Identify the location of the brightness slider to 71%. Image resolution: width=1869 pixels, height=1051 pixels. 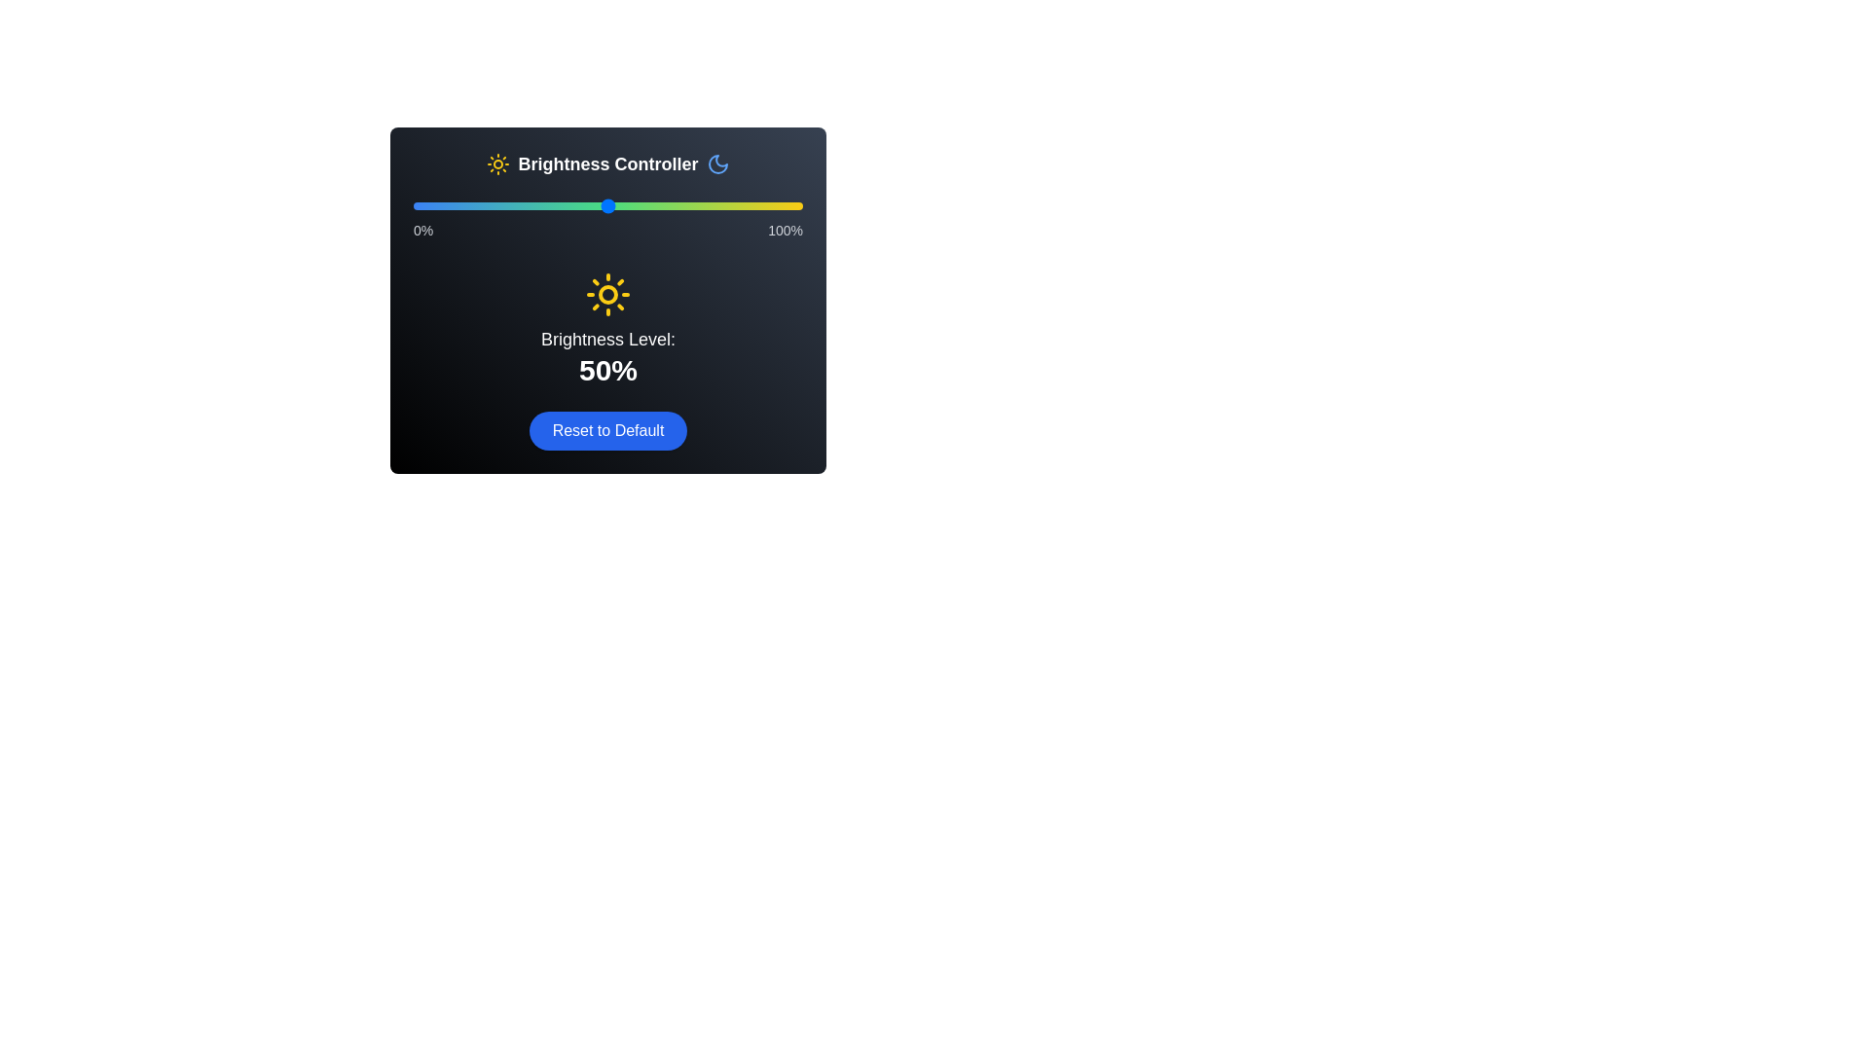
(690, 206).